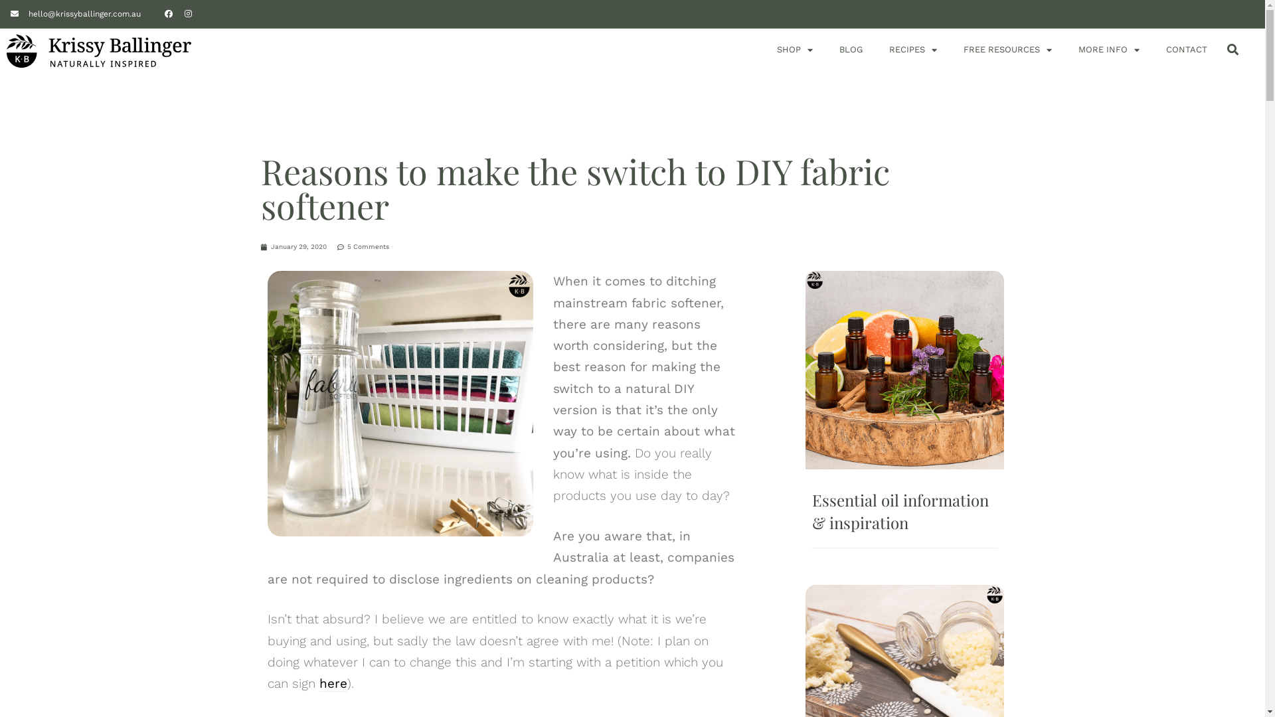 This screenshot has width=1275, height=717. Describe the element at coordinates (75, 13) in the screenshot. I see `'hello@krissyballinger.com.au'` at that location.